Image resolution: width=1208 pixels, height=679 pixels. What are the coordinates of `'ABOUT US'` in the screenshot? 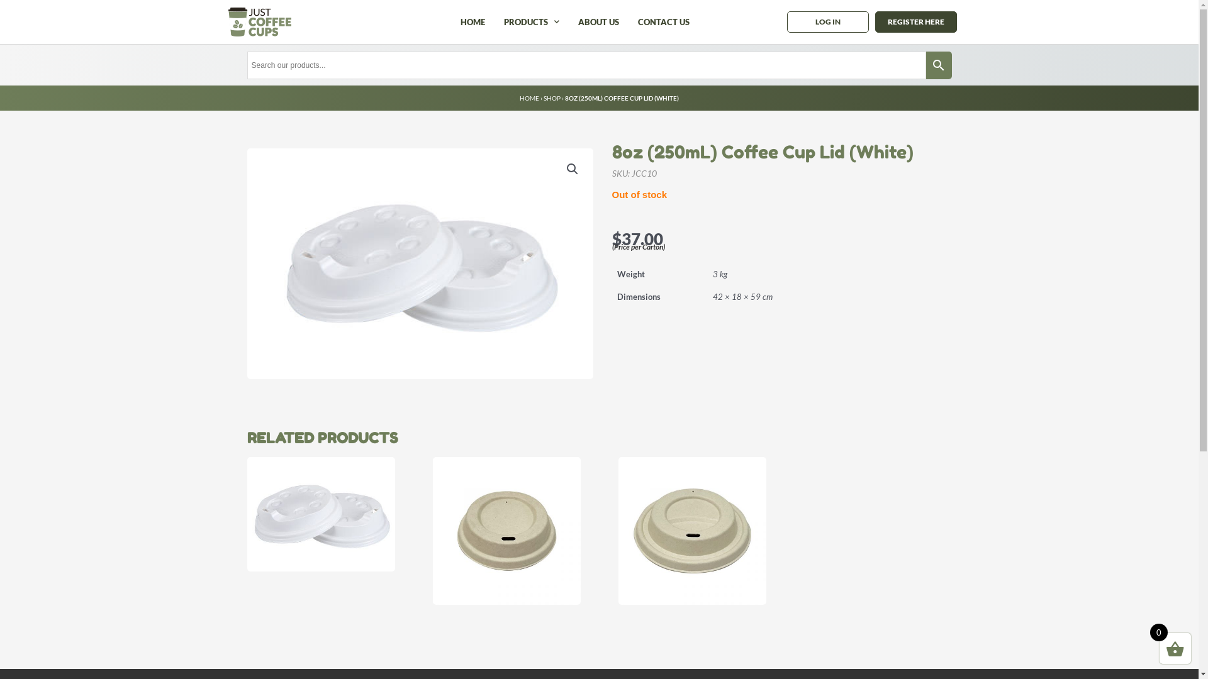 It's located at (598, 21).